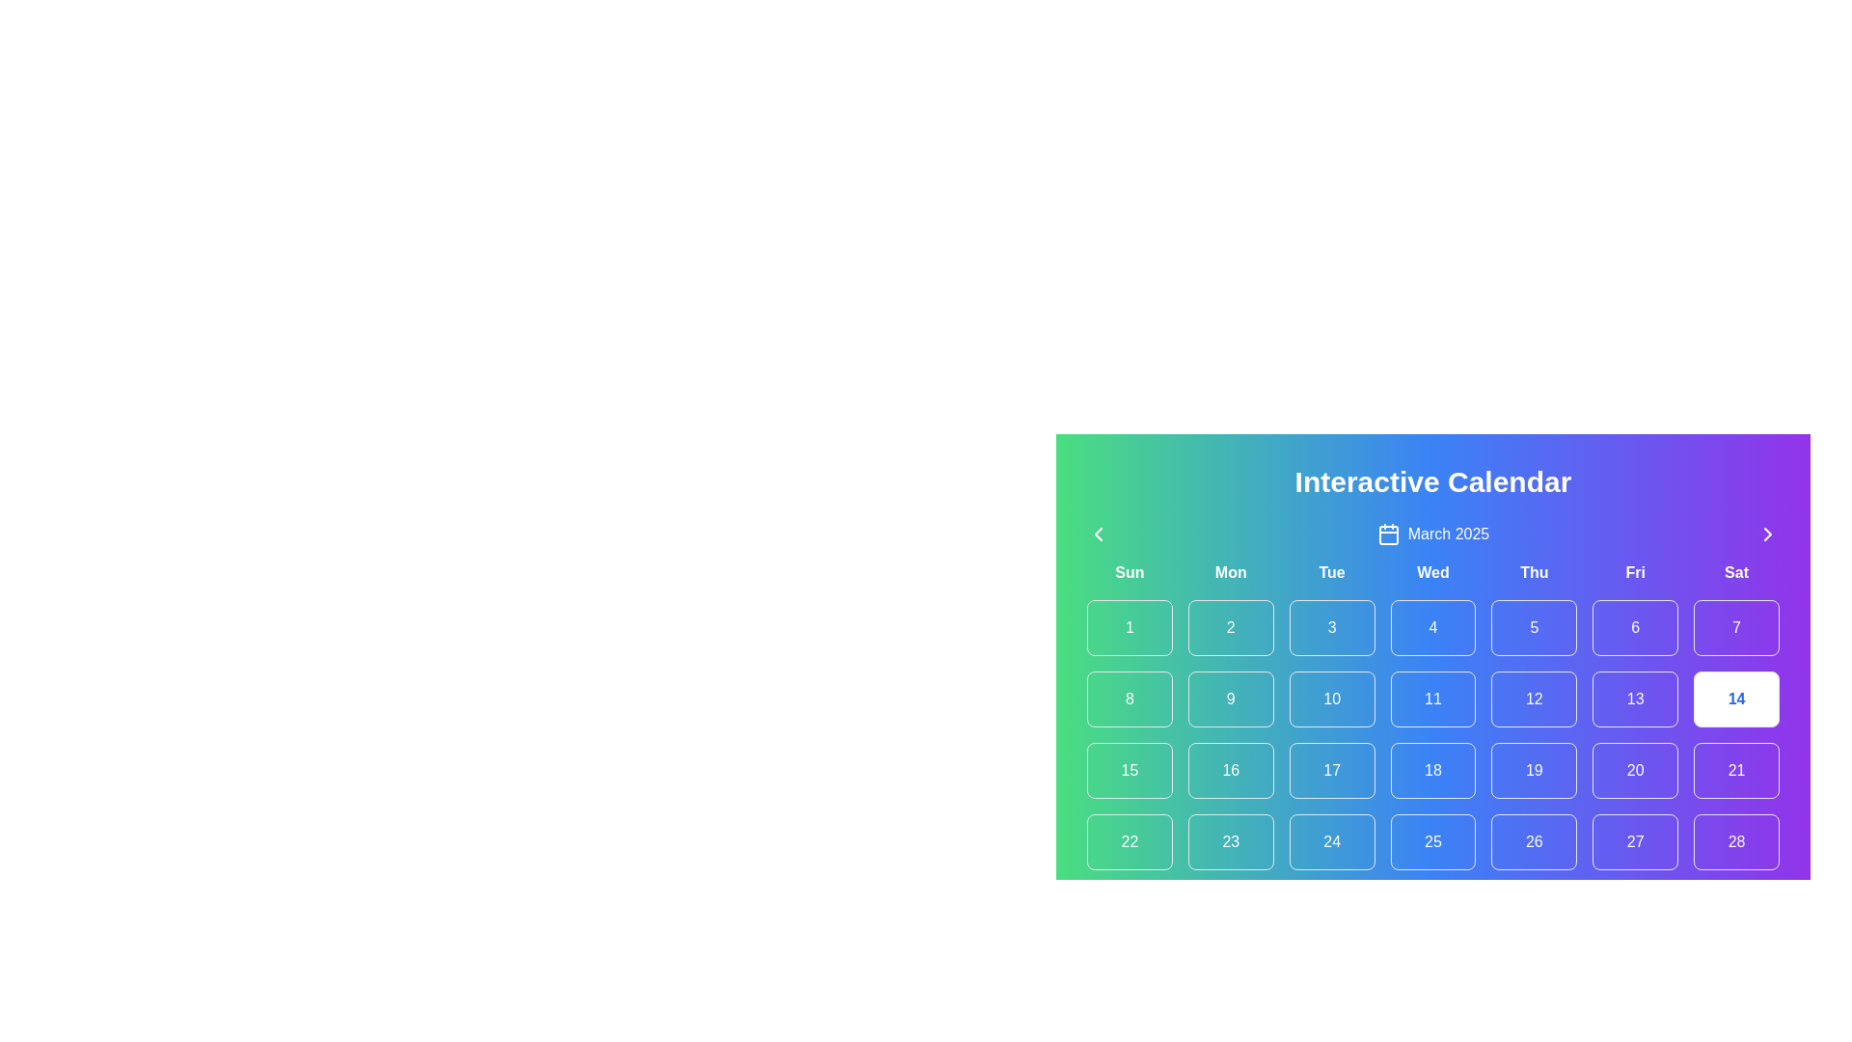 Image resolution: width=1852 pixels, height=1042 pixels. Describe the element at coordinates (1533, 769) in the screenshot. I see `the blue button displaying the number '19'` at that location.